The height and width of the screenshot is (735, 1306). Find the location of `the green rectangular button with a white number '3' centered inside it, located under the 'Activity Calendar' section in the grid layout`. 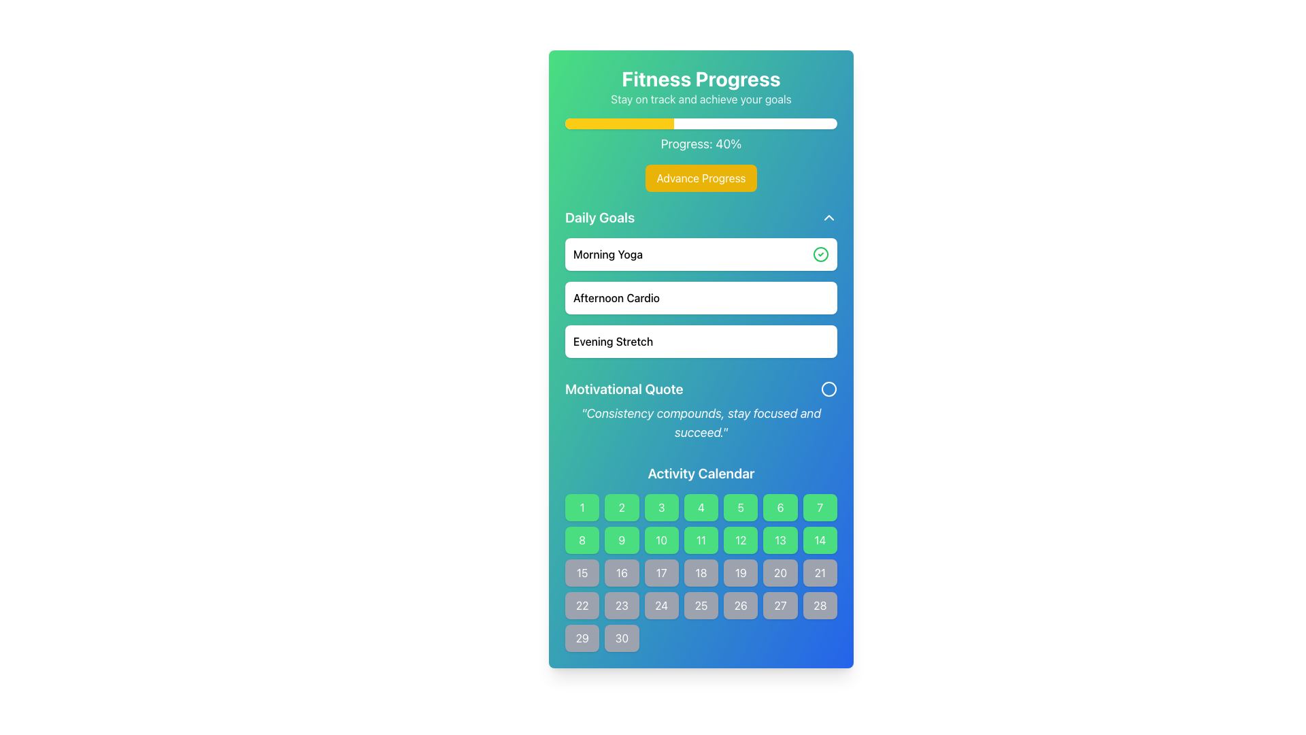

the green rectangular button with a white number '3' centered inside it, located under the 'Activity Calendar' section in the grid layout is located at coordinates (661, 507).